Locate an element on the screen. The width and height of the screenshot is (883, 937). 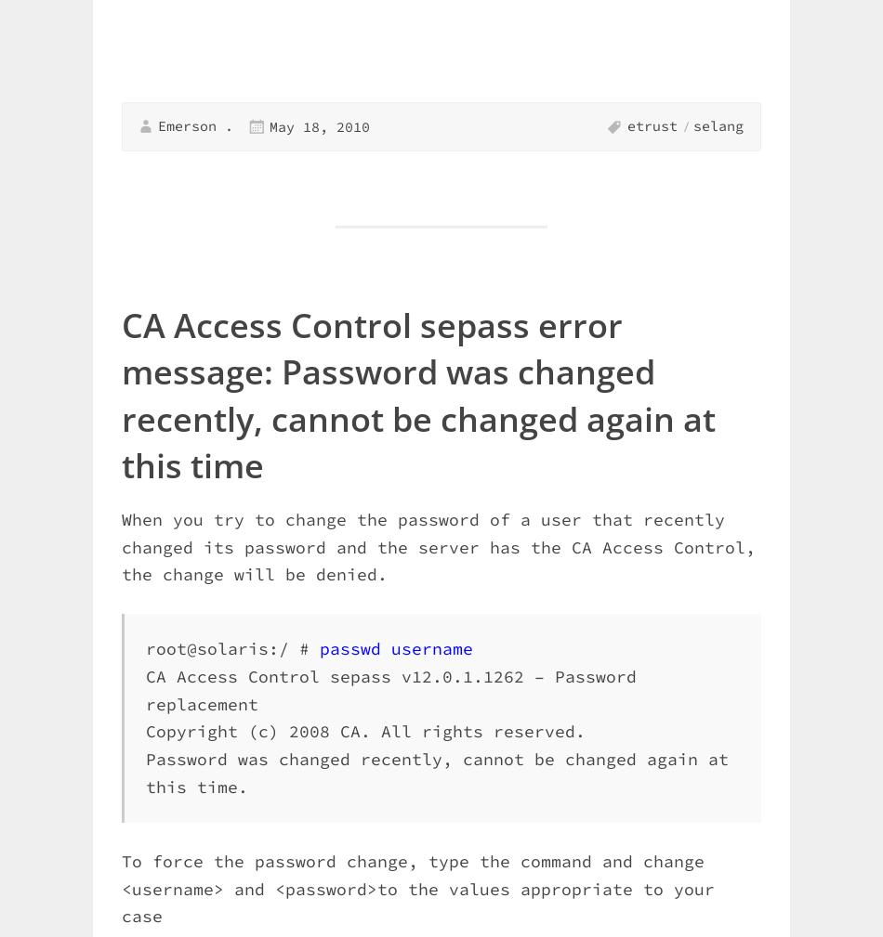
'May 18, 2010' is located at coordinates (318, 124).